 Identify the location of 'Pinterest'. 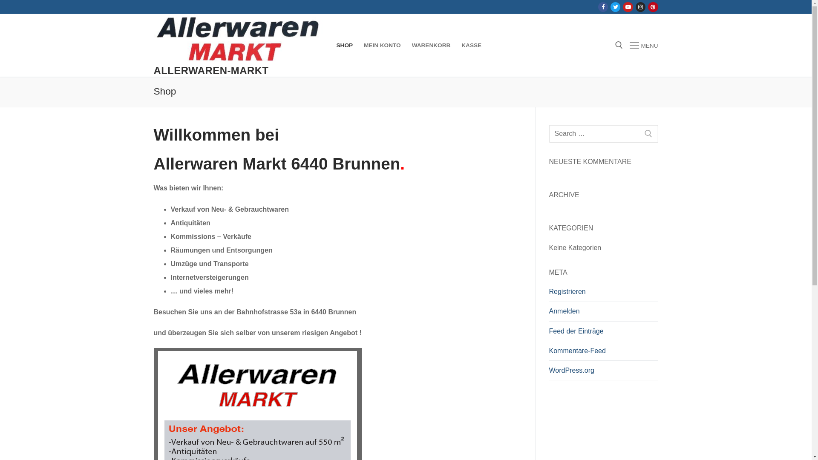
(652, 7).